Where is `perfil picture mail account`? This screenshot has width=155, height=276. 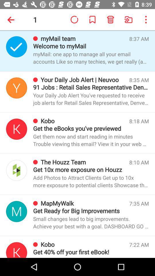 perfil picture mail account is located at coordinates (16, 211).